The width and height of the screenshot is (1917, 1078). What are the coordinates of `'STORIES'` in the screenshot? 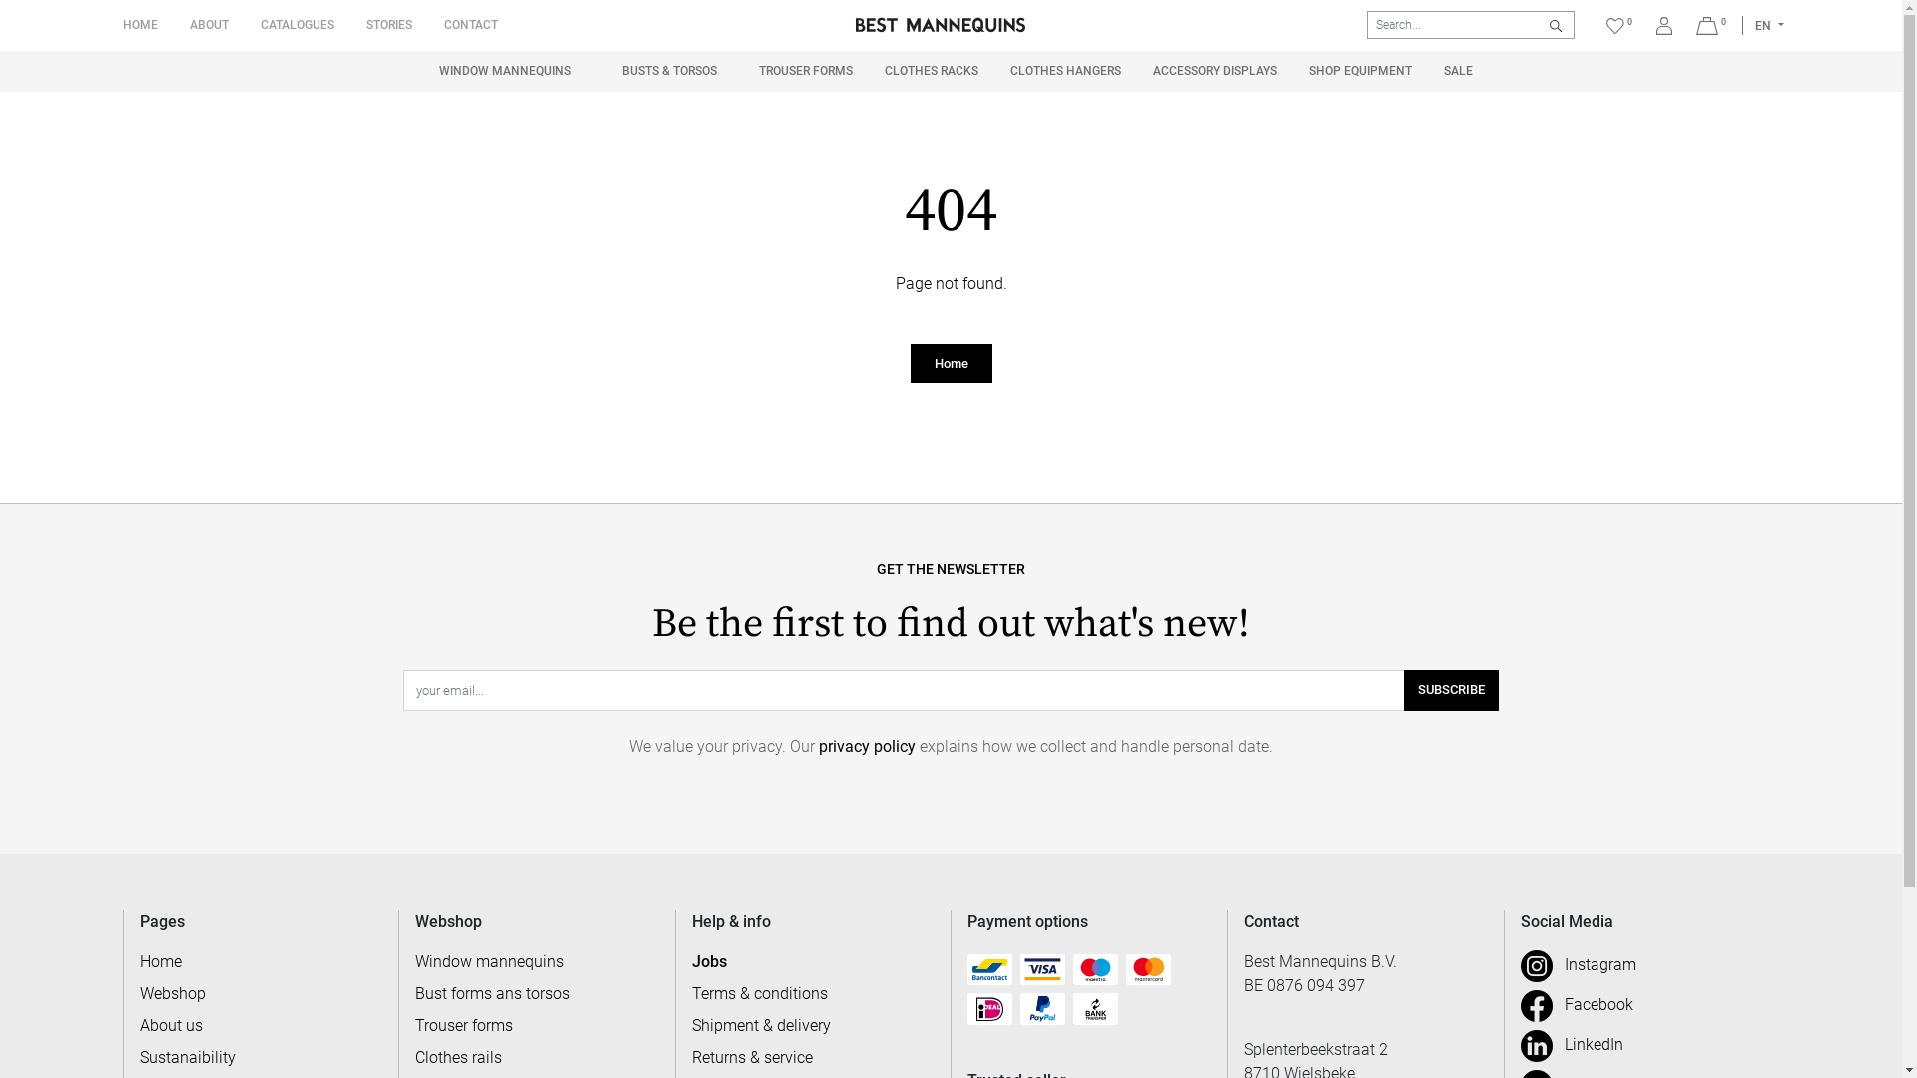 It's located at (387, 24).